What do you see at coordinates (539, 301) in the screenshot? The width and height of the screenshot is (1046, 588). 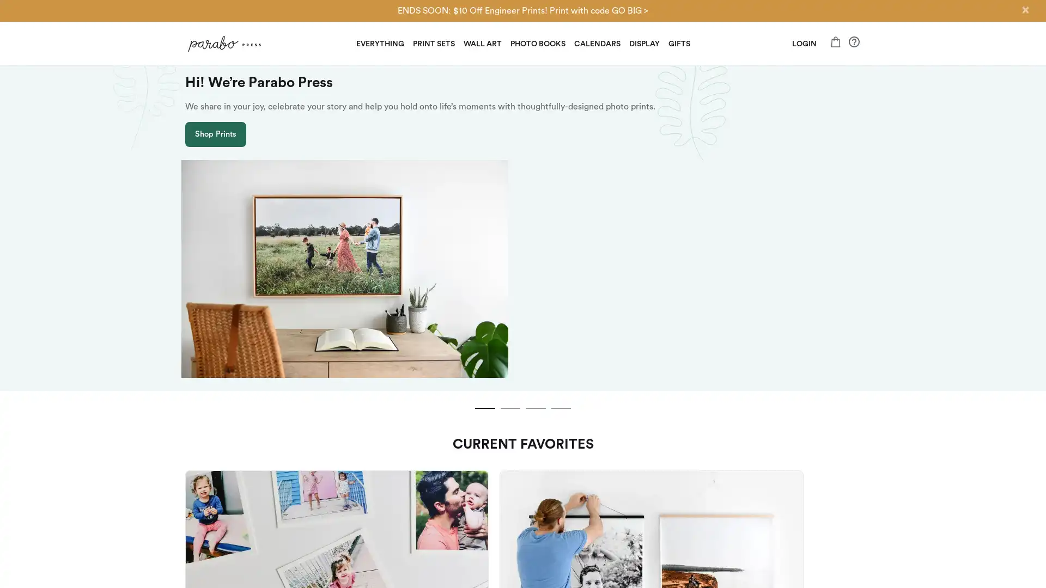 I see `slide dot` at bounding box center [539, 301].